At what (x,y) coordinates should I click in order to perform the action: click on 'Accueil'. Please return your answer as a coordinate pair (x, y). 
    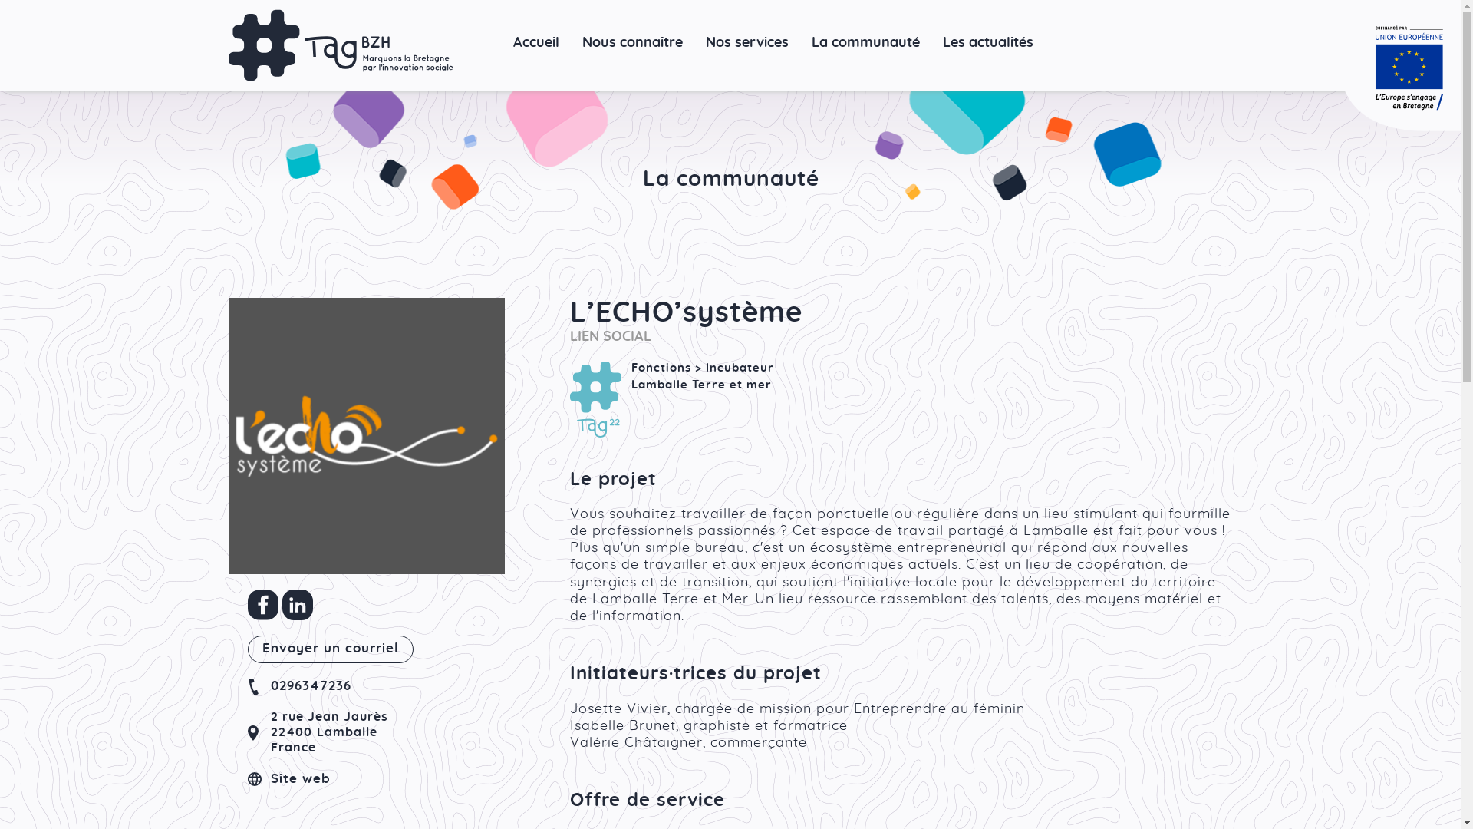
    Looking at the image, I should click on (536, 45).